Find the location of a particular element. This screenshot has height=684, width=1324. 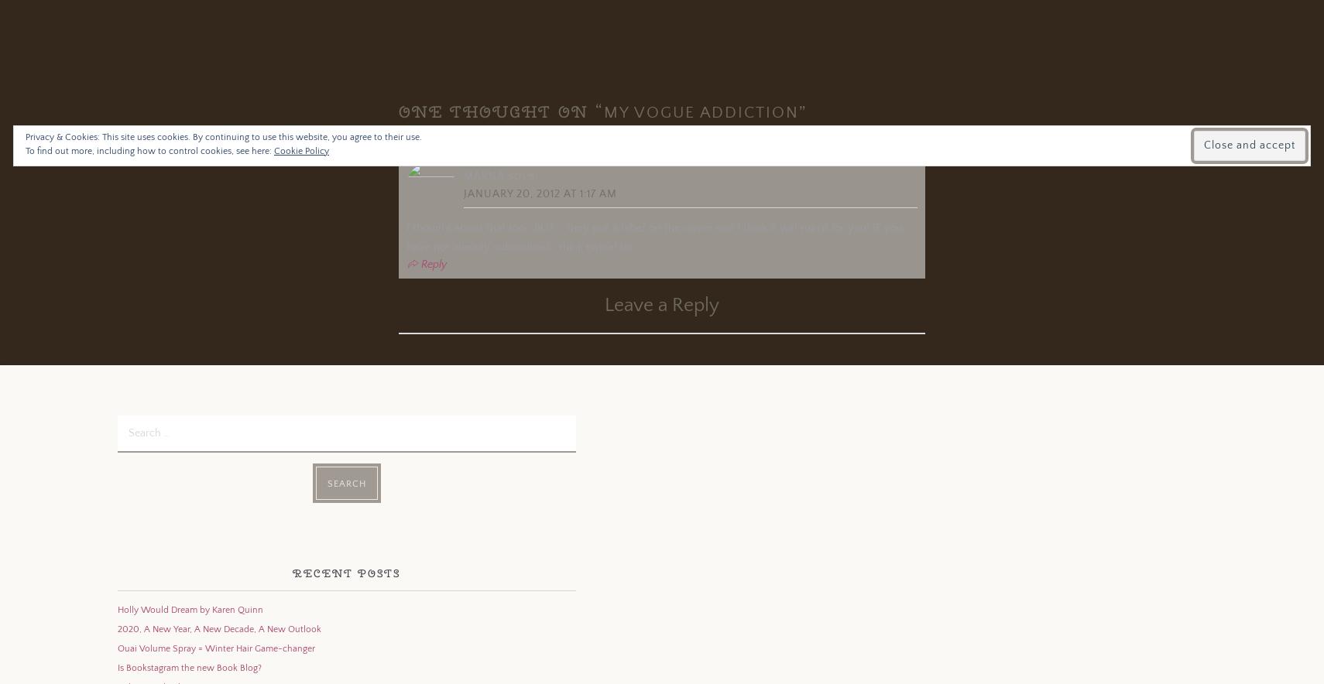

'One thought on “' is located at coordinates (501, 110).